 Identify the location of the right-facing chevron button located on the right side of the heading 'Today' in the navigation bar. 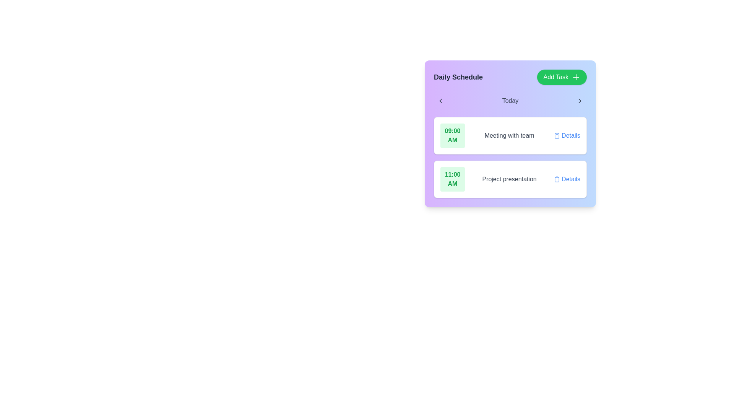
(580, 100).